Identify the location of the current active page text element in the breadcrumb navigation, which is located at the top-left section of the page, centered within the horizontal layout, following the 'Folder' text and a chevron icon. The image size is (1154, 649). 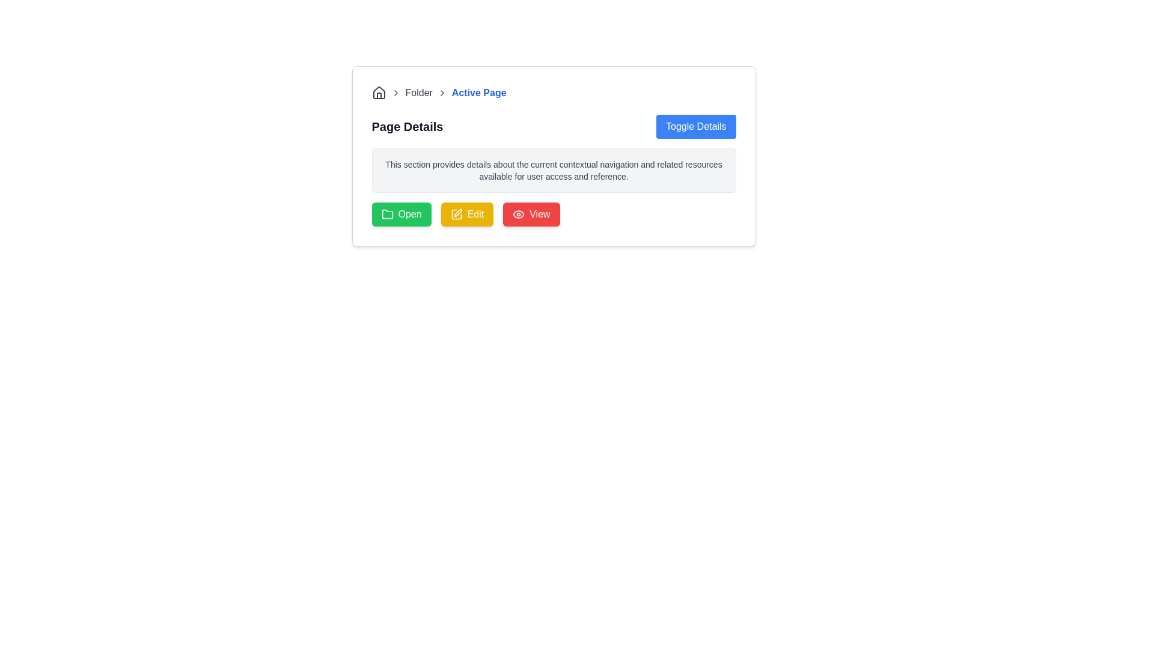
(478, 92).